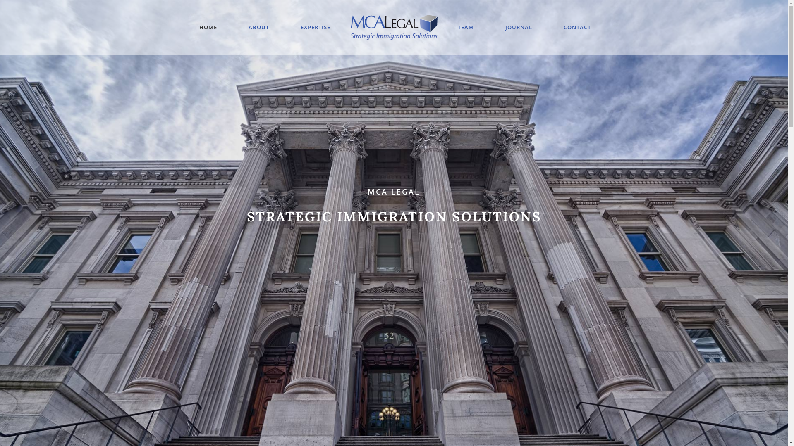 The height and width of the screenshot is (446, 794). Describe the element at coordinates (315, 26) in the screenshot. I see `'EXPERTISE'` at that location.